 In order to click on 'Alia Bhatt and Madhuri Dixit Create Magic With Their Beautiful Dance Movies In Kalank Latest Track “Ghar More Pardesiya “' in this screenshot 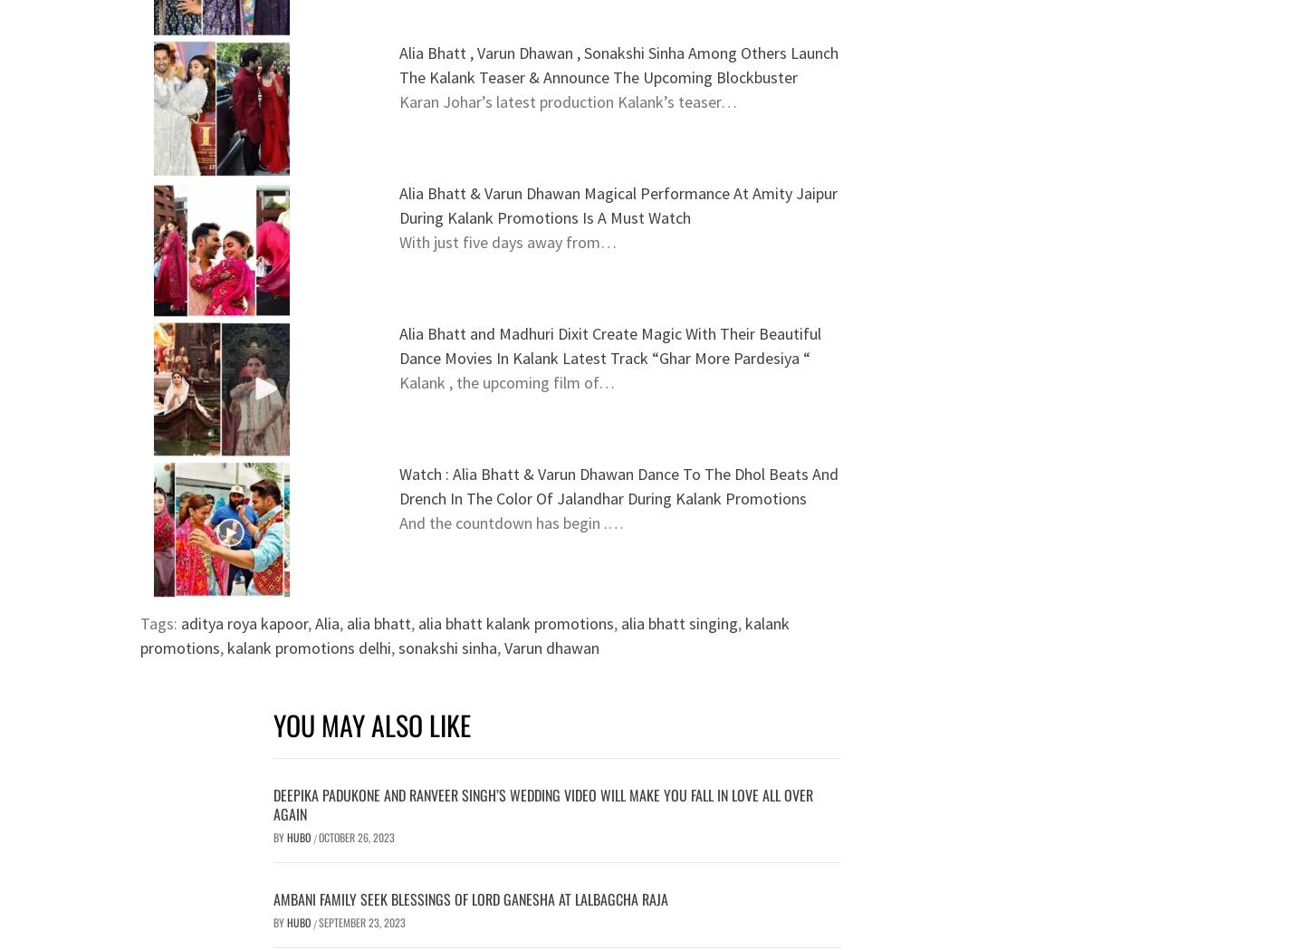, I will do `click(397, 346)`.